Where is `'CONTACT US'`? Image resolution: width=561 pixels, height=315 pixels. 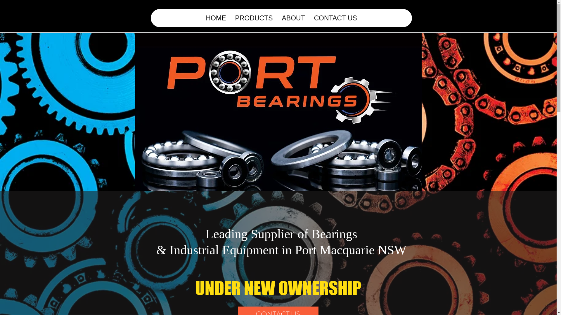
'CONTACT US' is located at coordinates (309, 17).